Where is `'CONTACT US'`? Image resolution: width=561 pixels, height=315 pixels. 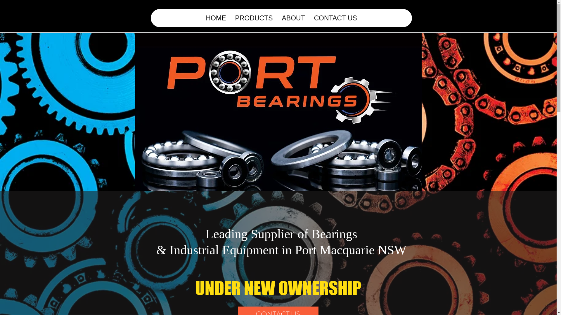
'CONTACT US' is located at coordinates (309, 17).